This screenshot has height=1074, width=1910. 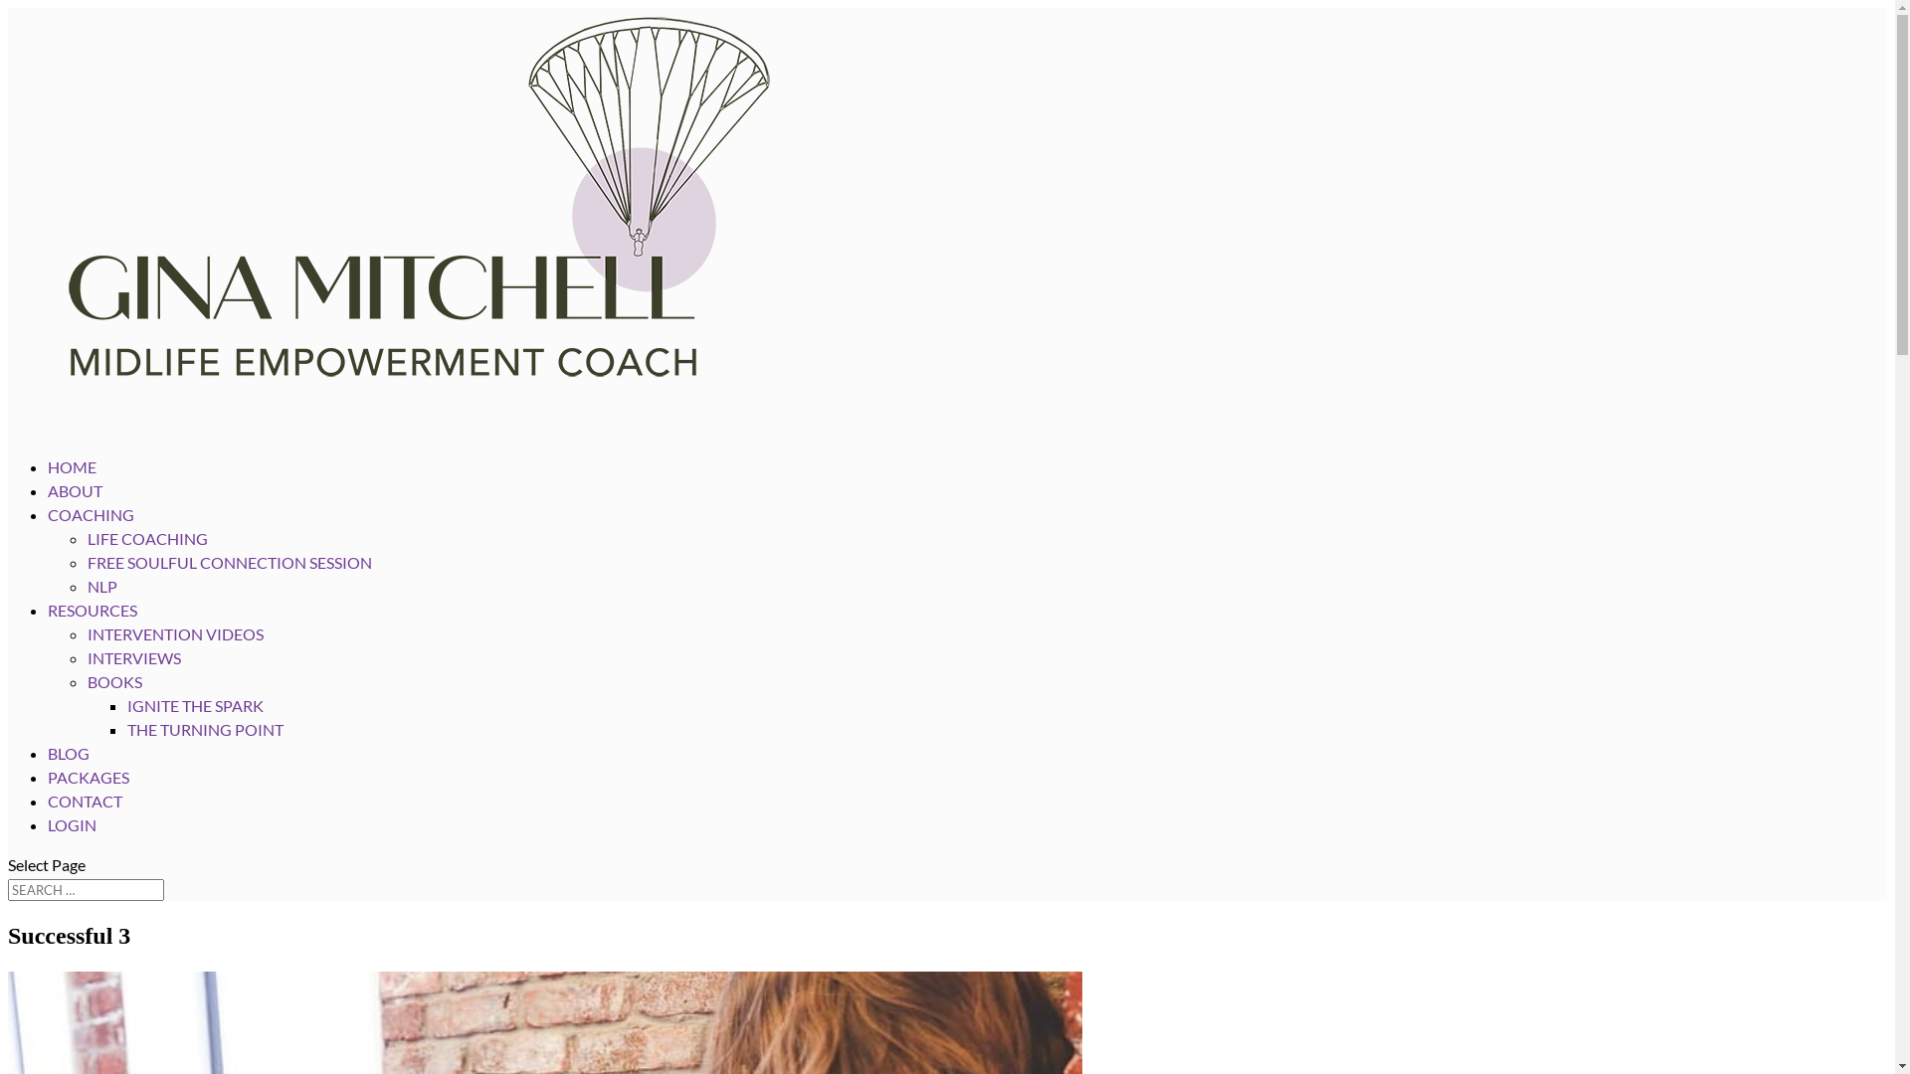 I want to click on 'Search for:', so click(x=85, y=888).